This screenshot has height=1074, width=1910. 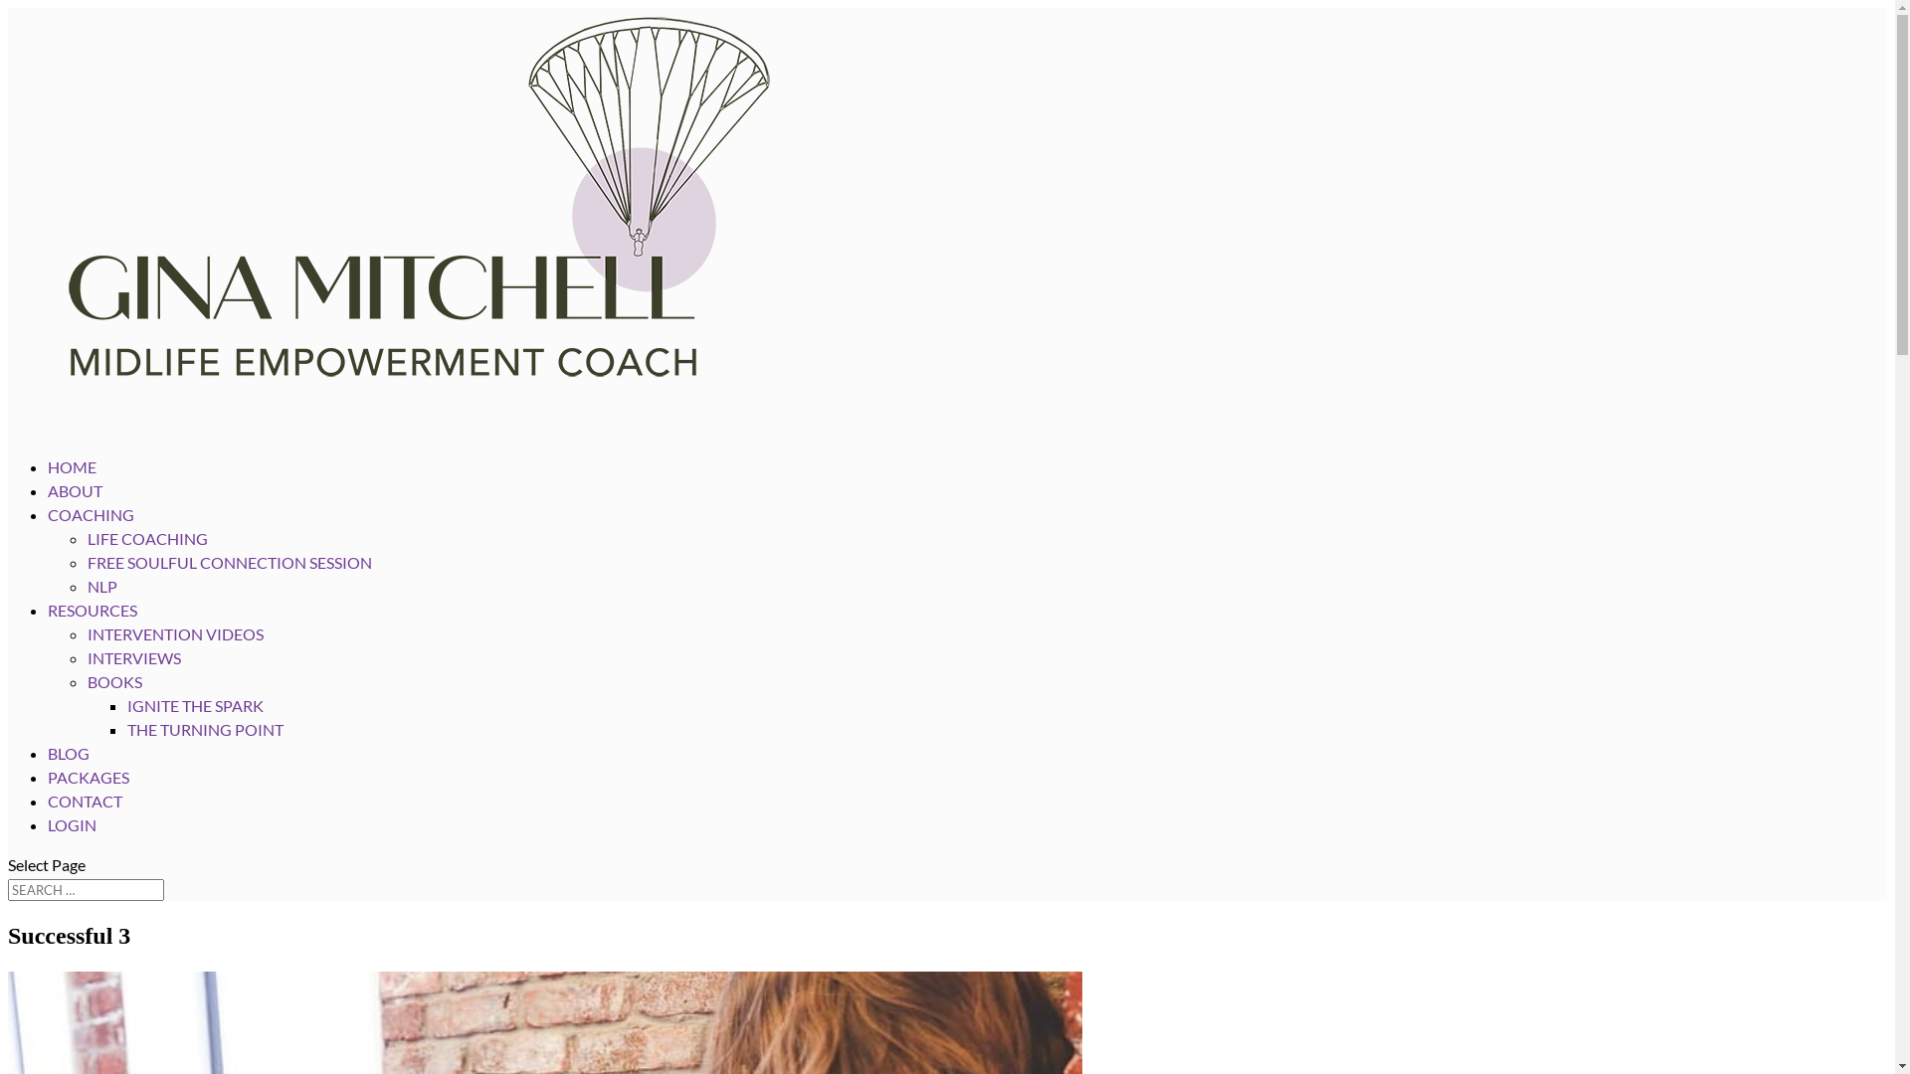 I want to click on 'Search for:', so click(x=85, y=888).